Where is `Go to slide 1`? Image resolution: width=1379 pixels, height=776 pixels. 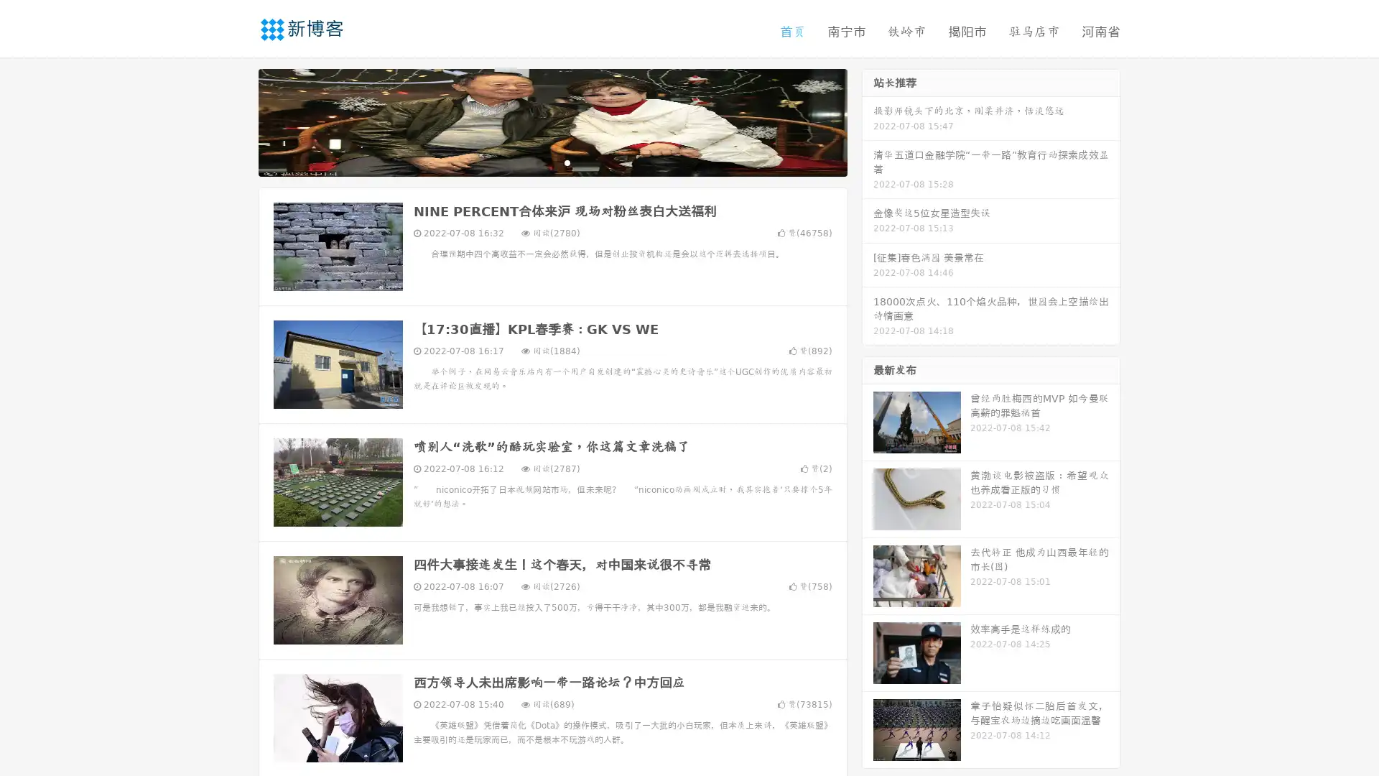
Go to slide 1 is located at coordinates (537, 162).